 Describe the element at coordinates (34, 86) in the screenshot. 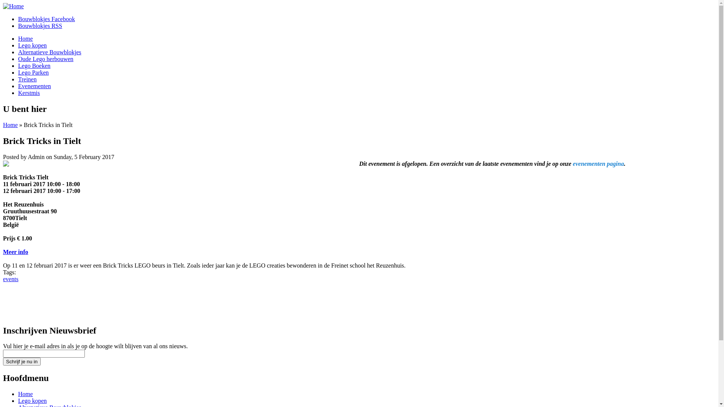

I see `'Evenementen'` at that location.